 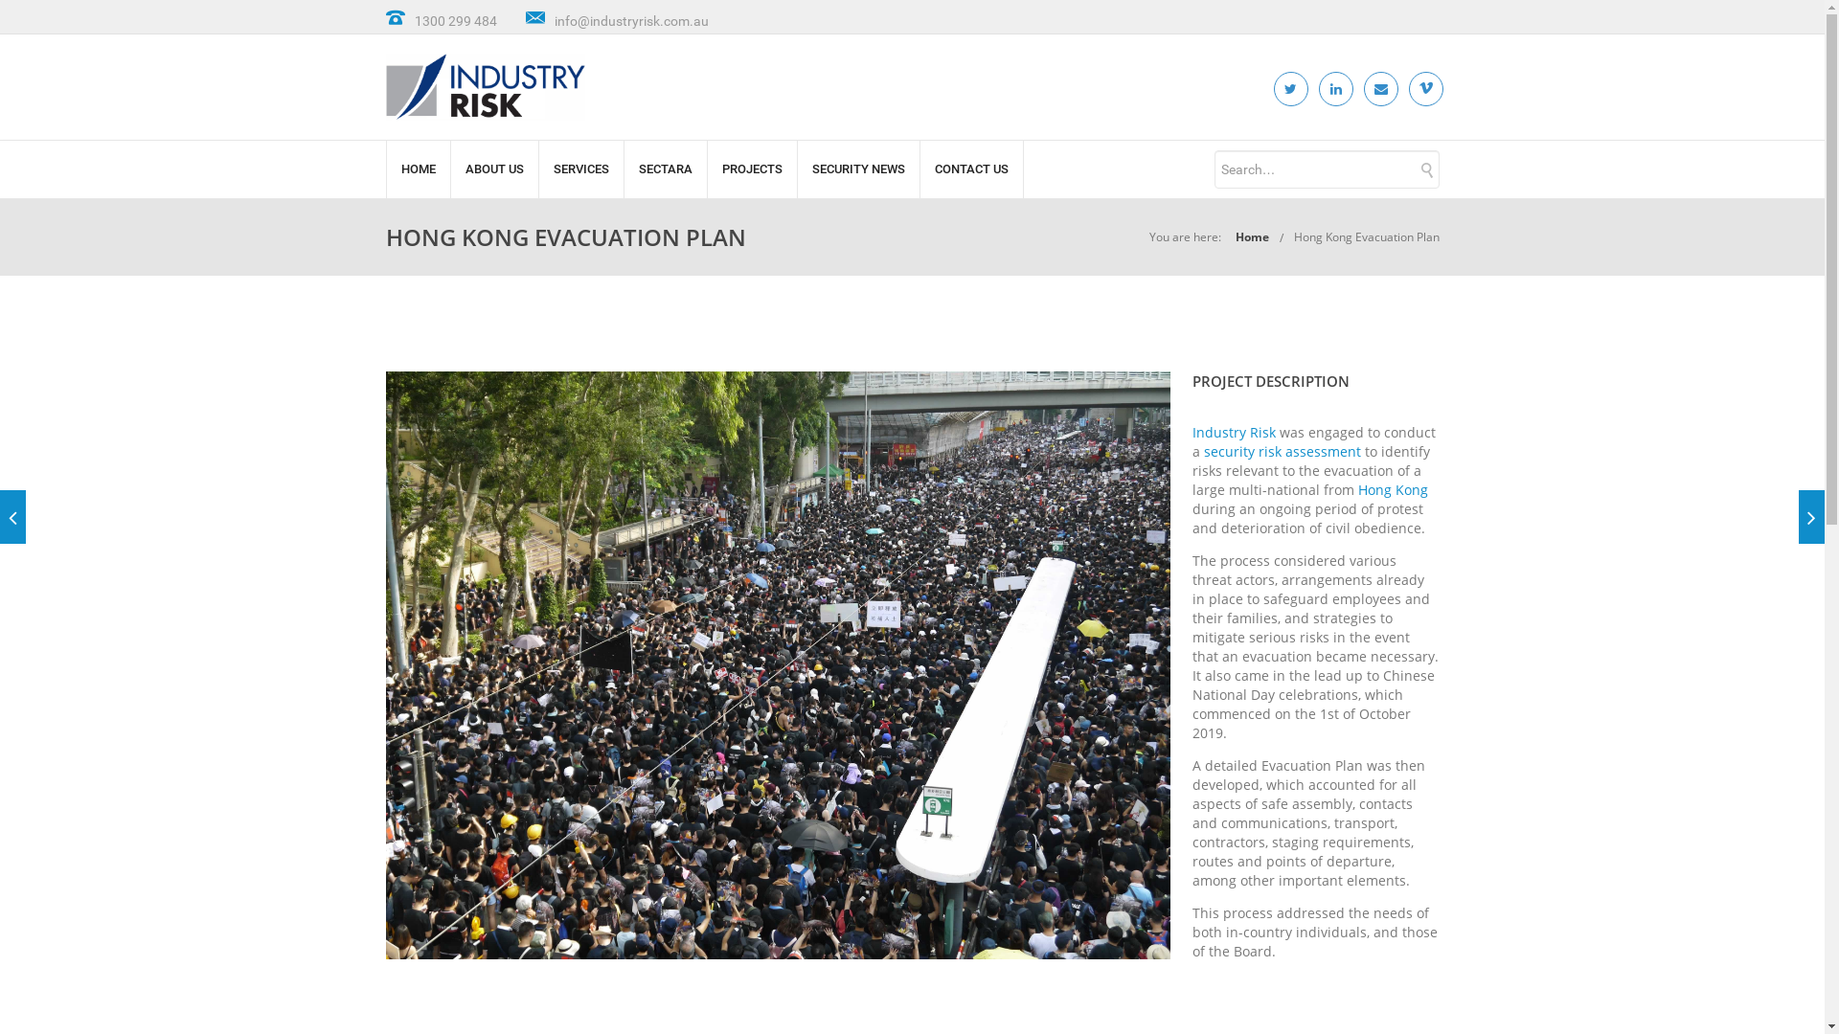 I want to click on 'Industry Risk', so click(x=1234, y=432).